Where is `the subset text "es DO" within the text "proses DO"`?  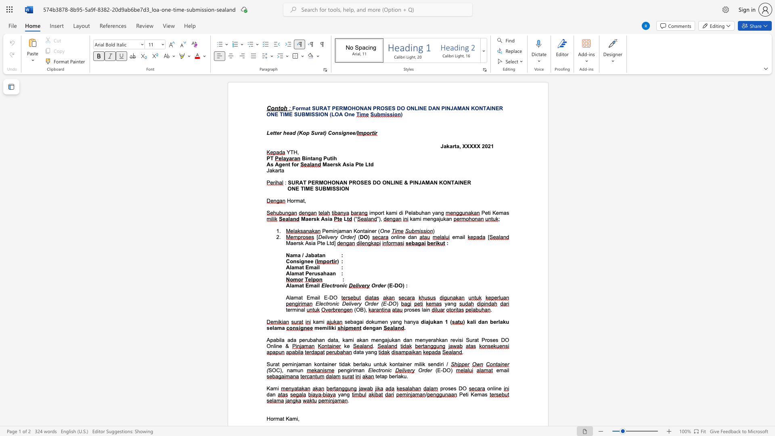
the subset text "es DO" within the text "proses DO" is located at coordinates (450, 388).